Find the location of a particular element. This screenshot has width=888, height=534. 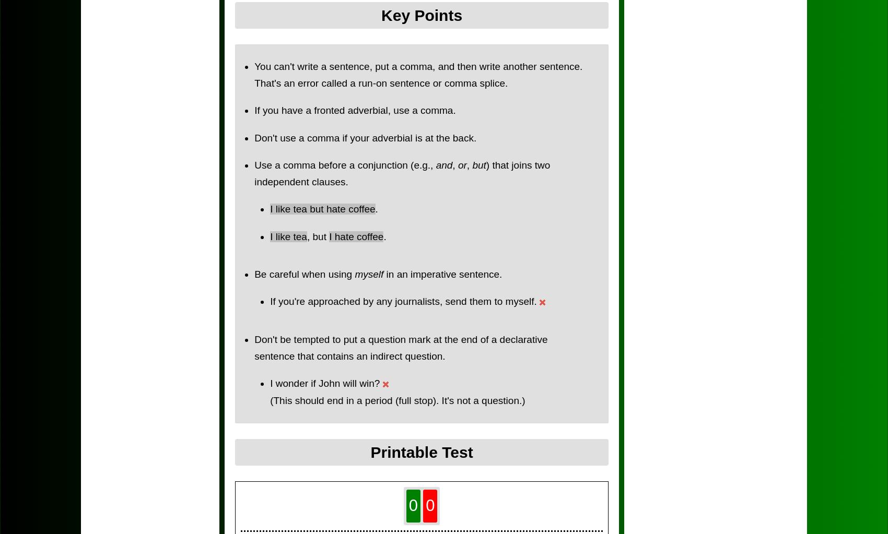

'I wonder if John will win?' is located at coordinates (325, 383).